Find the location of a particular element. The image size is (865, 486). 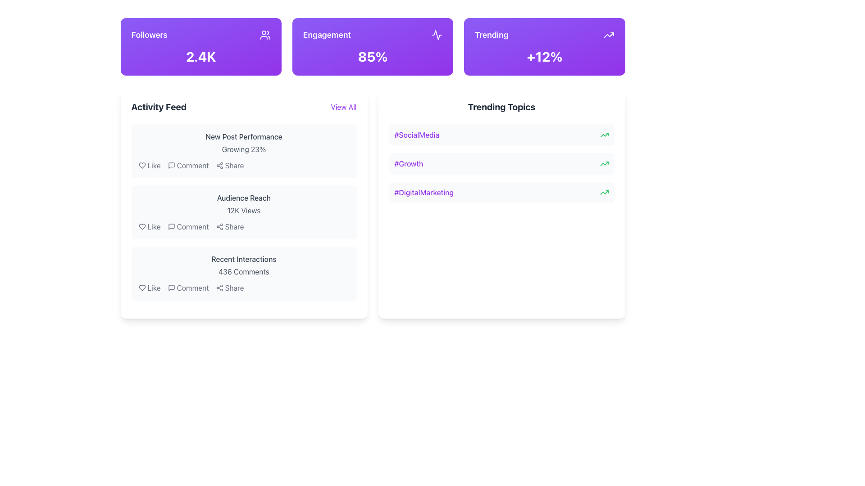

the 'Share' button, which is the third interactive option in the action bar, to change the text color from gray to purple is located at coordinates (230, 226).